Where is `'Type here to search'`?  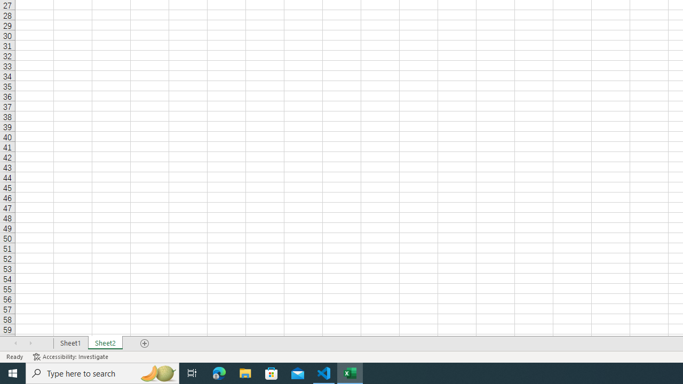
'Type here to search' is located at coordinates (102, 372).